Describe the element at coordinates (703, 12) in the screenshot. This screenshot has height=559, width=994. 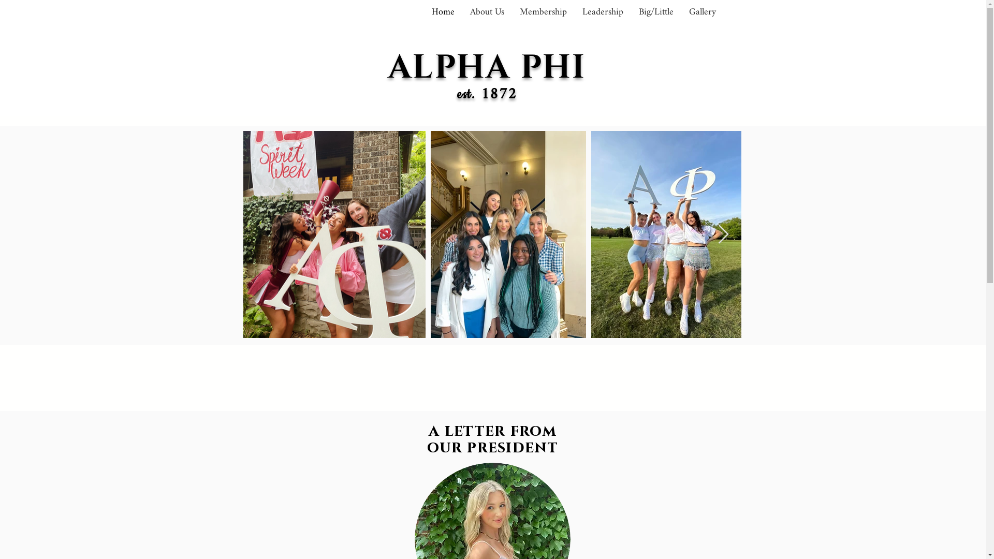
I see `'Gallery'` at that location.